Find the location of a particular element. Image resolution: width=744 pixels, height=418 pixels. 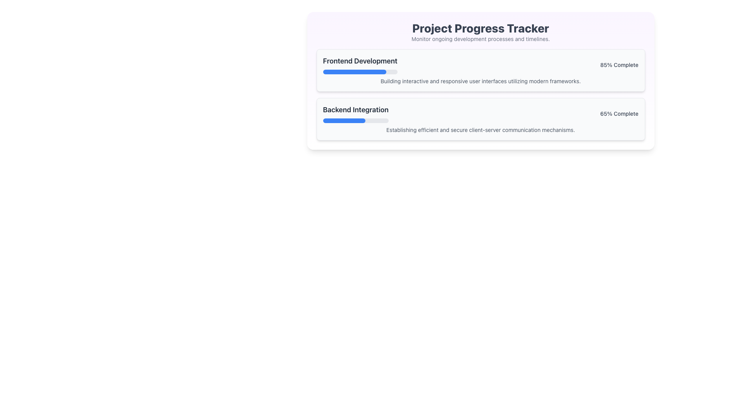

the Progress Bar that visually represents the 65% completion status for the 'Backend Integration' task in the tracker is located at coordinates (355, 121).